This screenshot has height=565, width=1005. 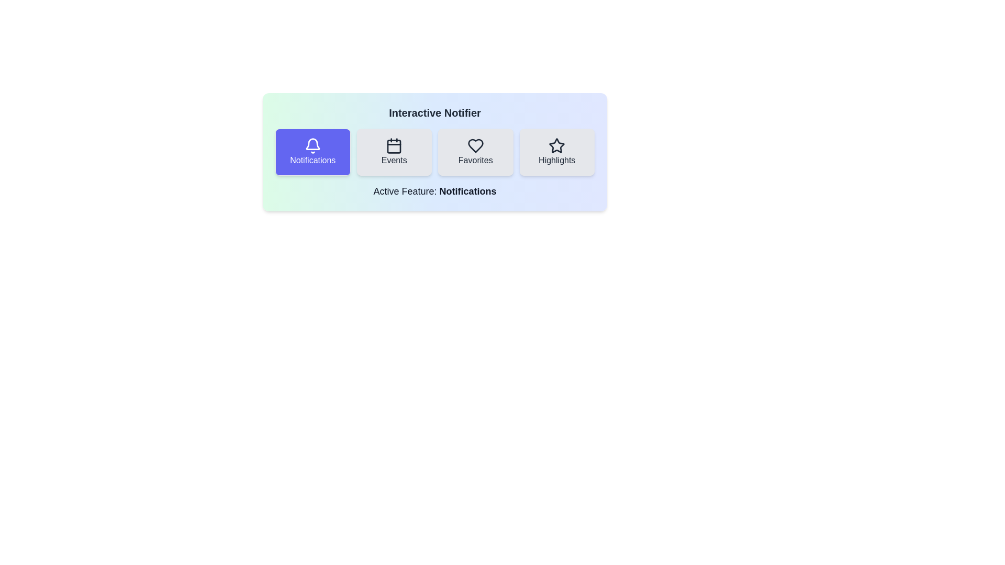 What do you see at coordinates (475, 152) in the screenshot?
I see `the feature Favorites by clicking on its button` at bounding box center [475, 152].